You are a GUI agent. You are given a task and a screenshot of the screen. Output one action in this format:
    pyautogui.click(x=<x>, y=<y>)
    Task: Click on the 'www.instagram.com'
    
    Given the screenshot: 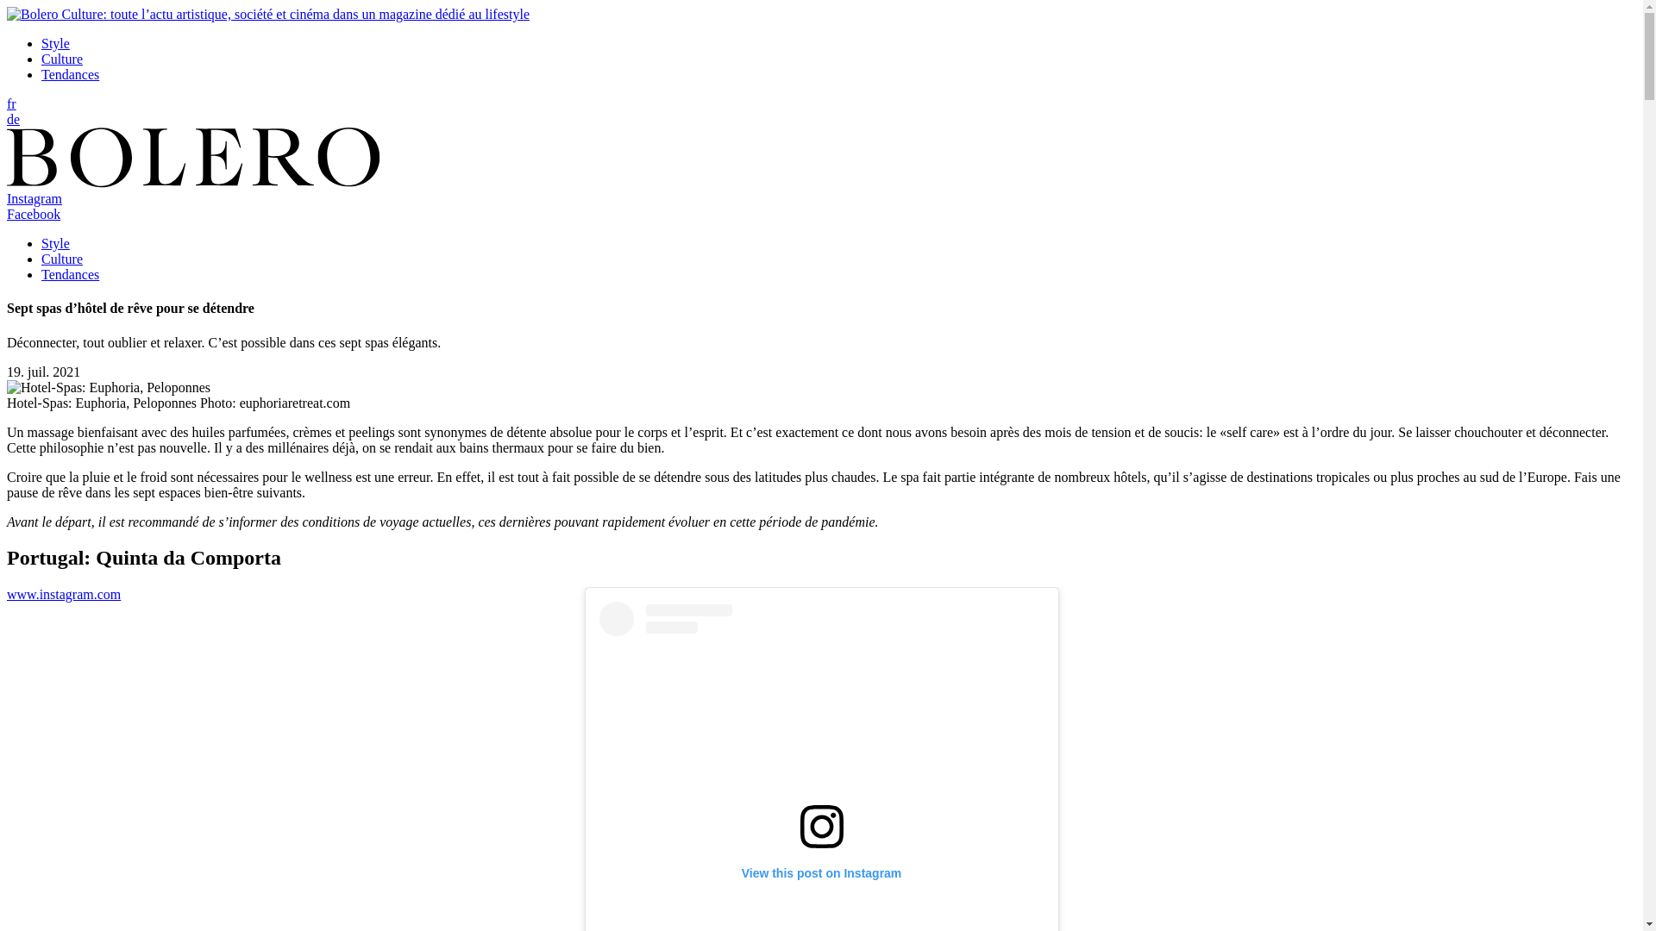 What is the action you would take?
    pyautogui.click(x=63, y=593)
    